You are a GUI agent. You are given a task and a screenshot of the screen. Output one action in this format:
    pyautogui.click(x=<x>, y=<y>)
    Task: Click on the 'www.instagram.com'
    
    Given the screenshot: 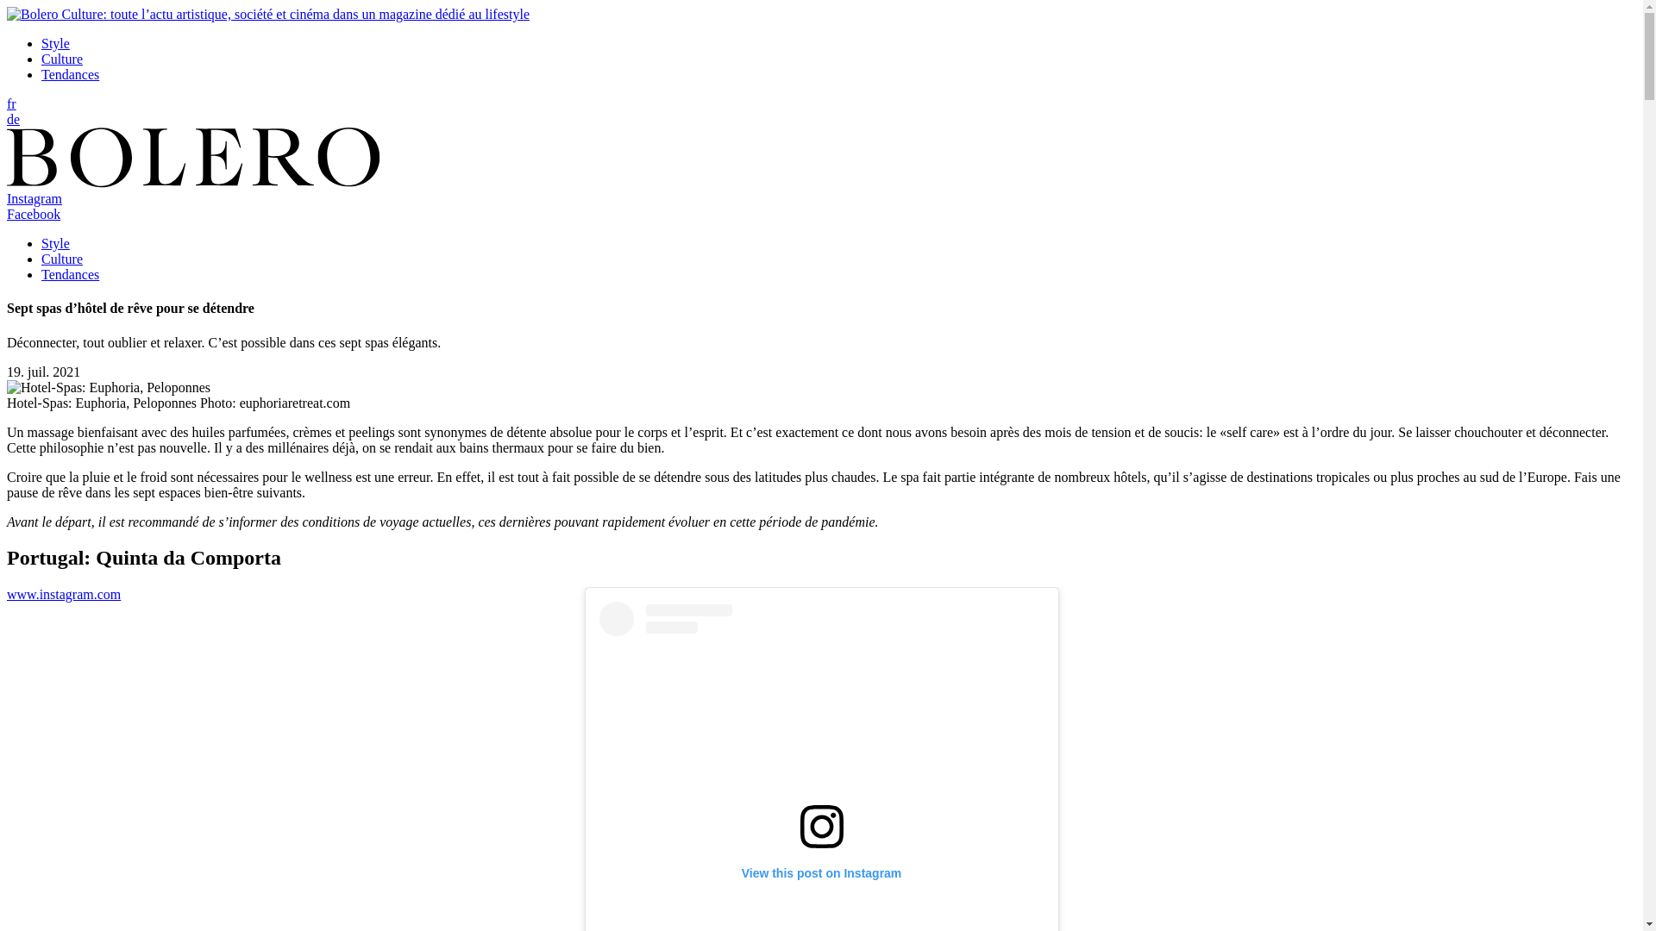 What is the action you would take?
    pyautogui.click(x=63, y=593)
    